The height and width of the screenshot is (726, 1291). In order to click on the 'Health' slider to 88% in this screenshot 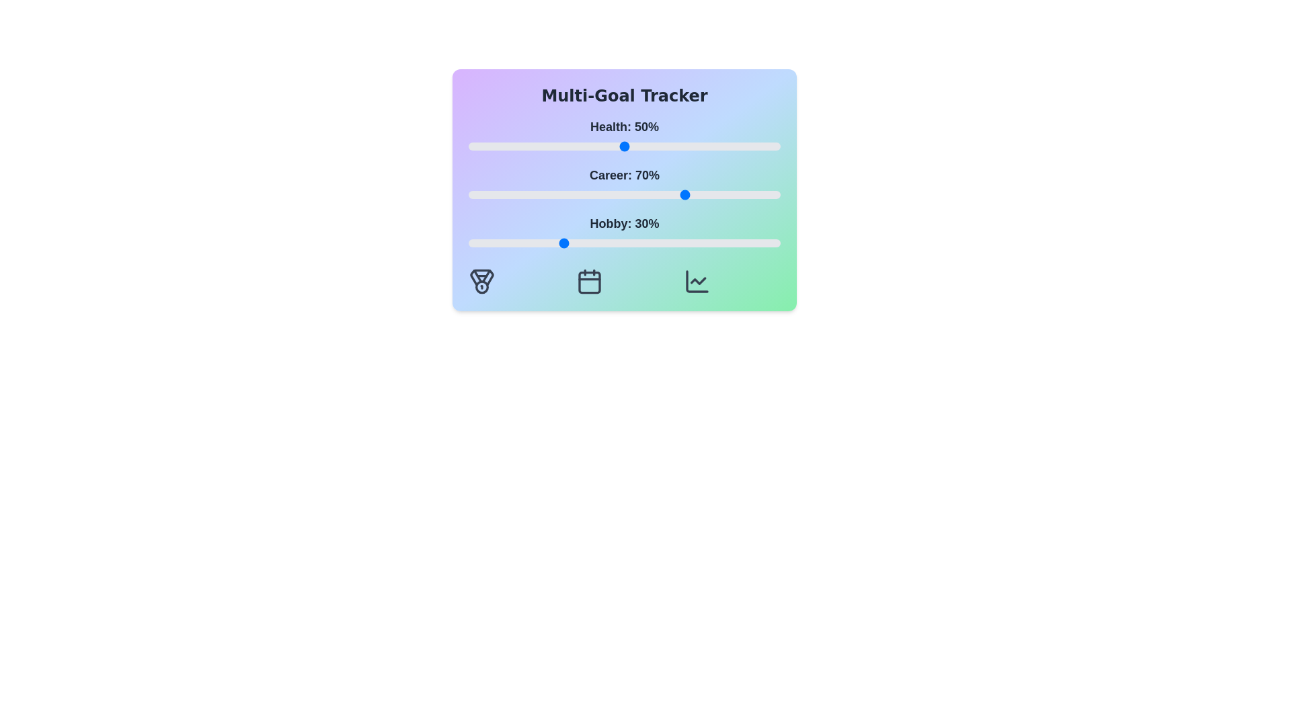, I will do `click(742, 147)`.